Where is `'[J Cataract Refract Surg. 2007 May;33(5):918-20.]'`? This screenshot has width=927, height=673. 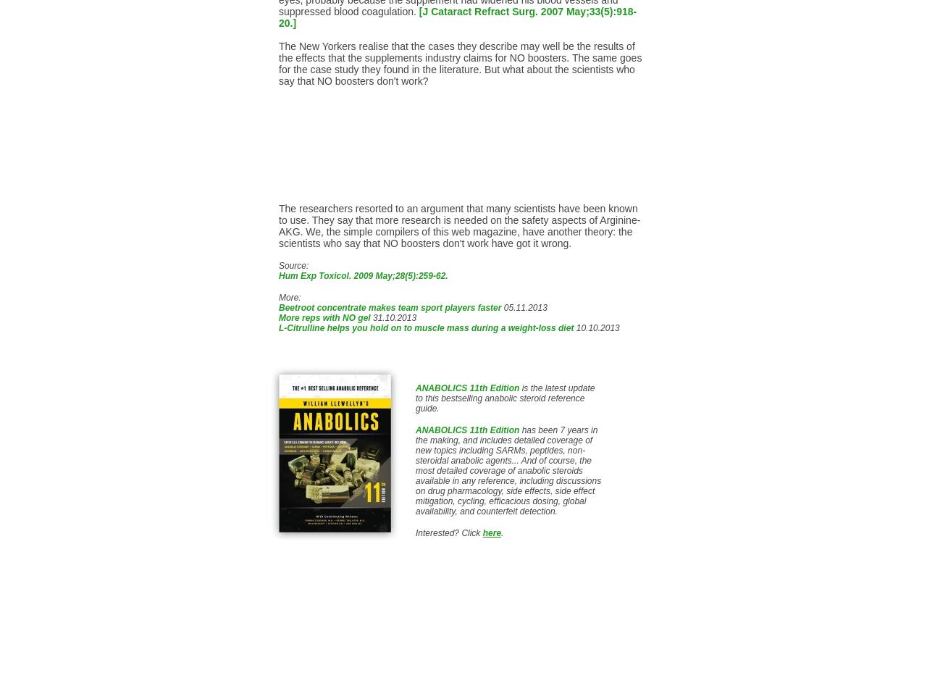 '[J Cataract Refract Surg. 2007 May;33(5):918-20.]' is located at coordinates (279, 16).